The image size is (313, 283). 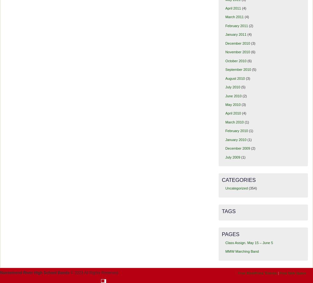 What do you see at coordinates (232, 87) in the screenshot?
I see `'July 2010'` at bounding box center [232, 87].